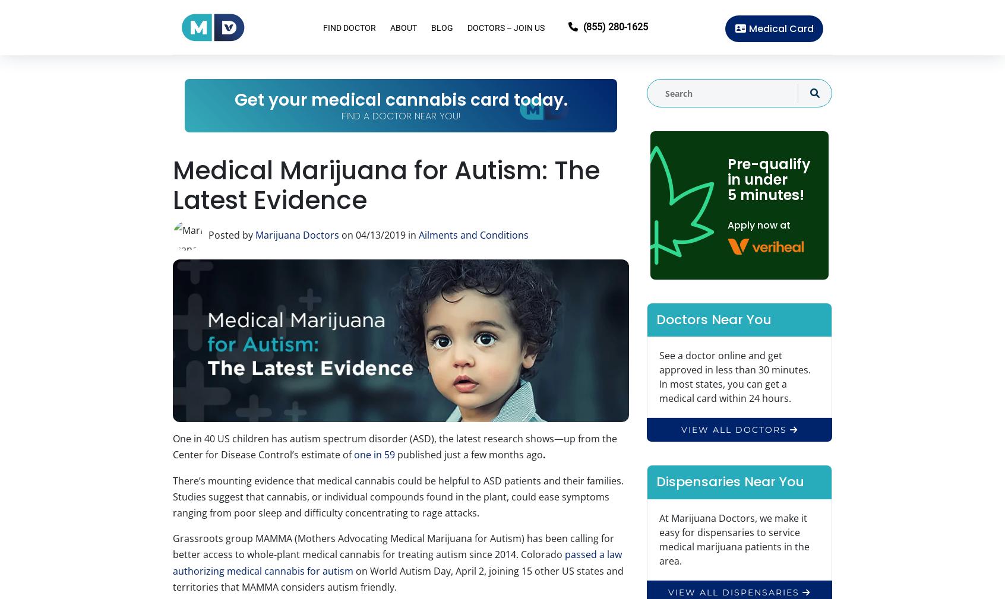 The image size is (1005, 599). I want to click on 'Posted by', so click(232, 234).